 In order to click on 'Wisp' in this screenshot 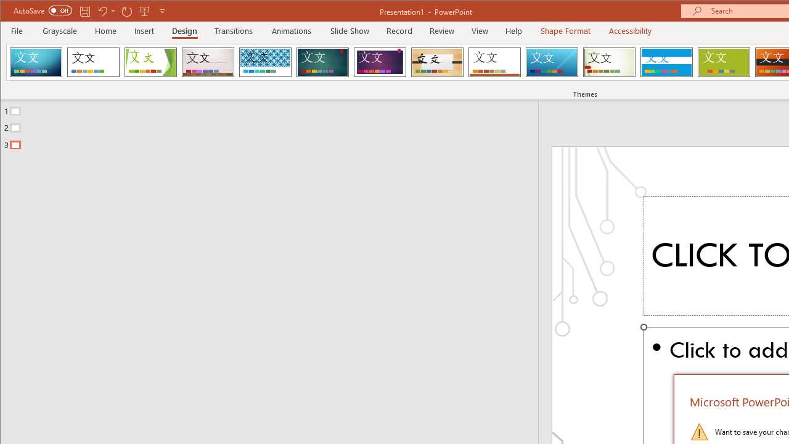, I will do `click(609, 62)`.